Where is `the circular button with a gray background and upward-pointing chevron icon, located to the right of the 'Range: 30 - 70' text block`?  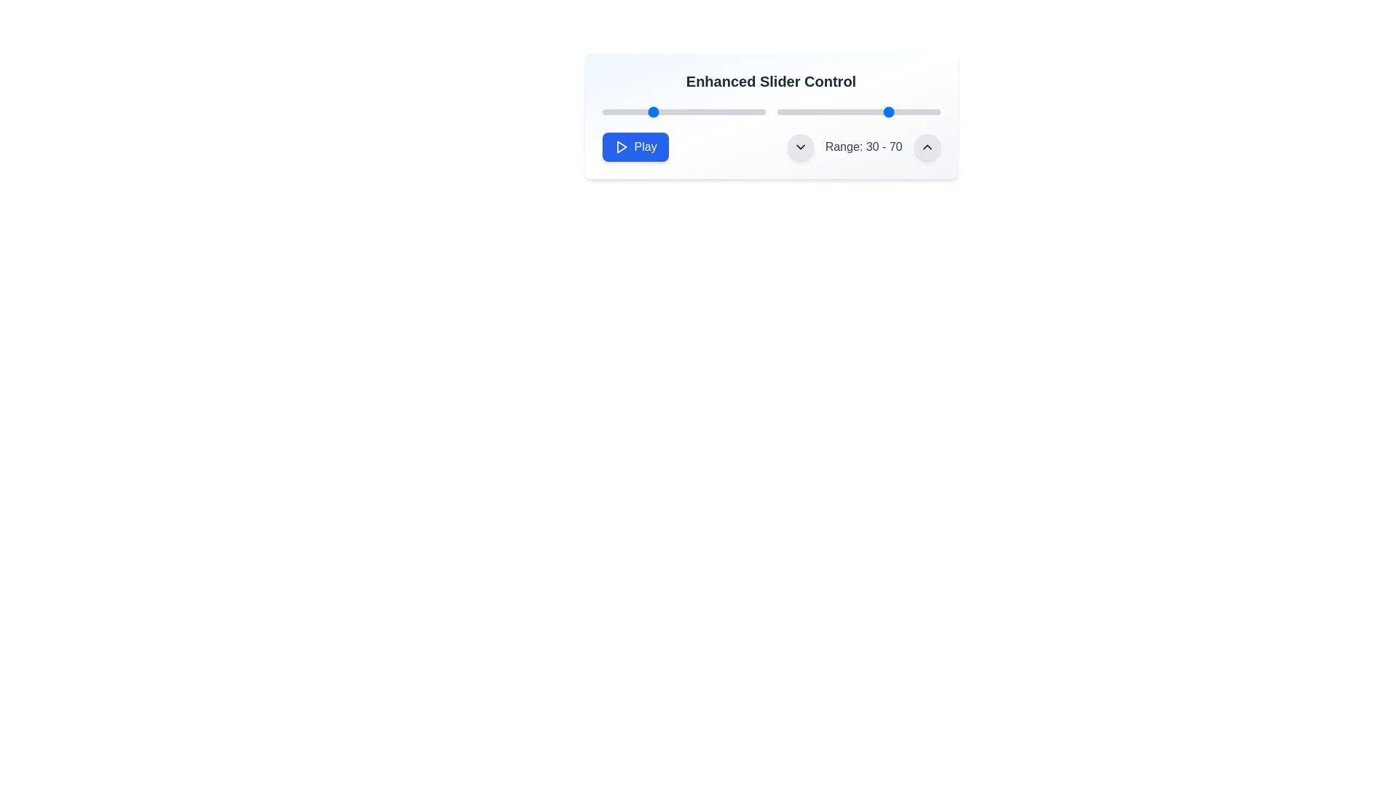
the circular button with a gray background and upward-pointing chevron icon, located to the right of the 'Range: 30 - 70' text block is located at coordinates (926, 146).